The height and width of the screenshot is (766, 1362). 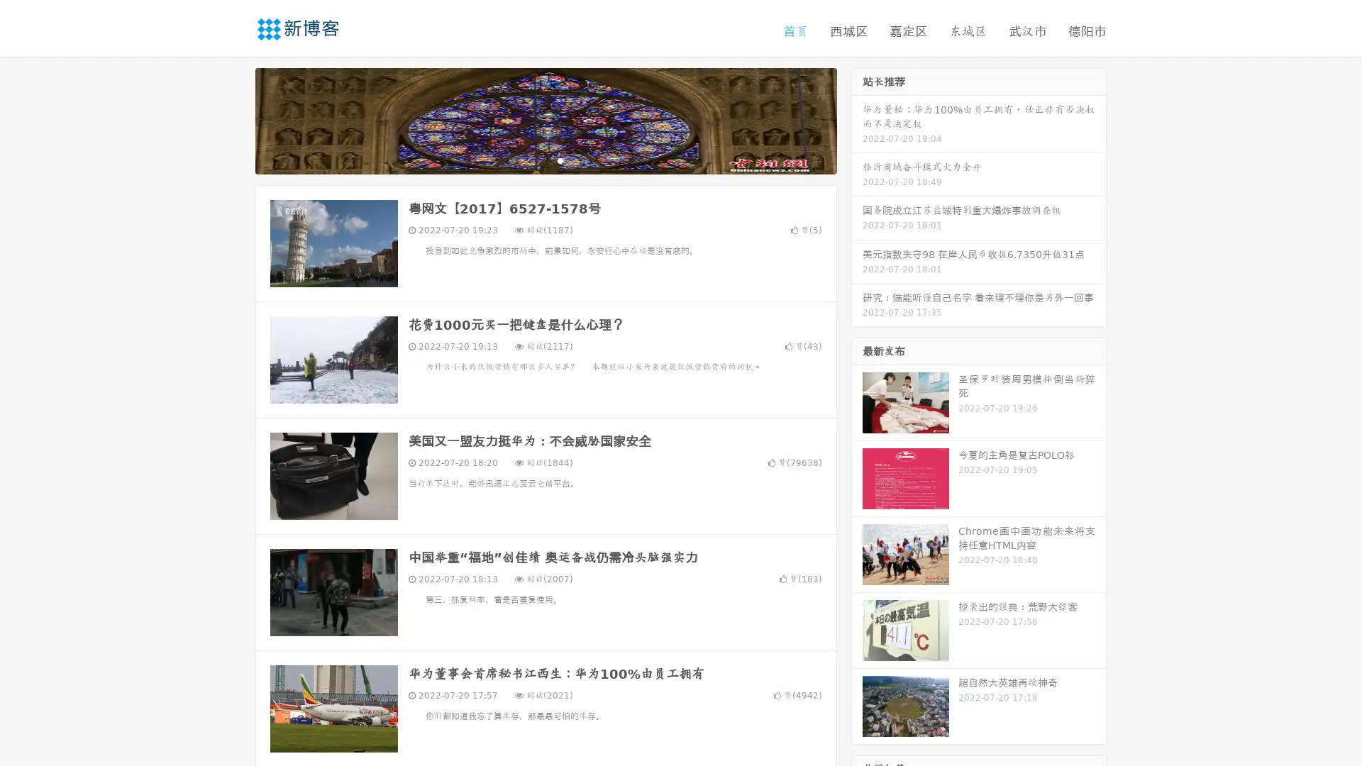 I want to click on Go to slide 3, so click(x=560, y=160).